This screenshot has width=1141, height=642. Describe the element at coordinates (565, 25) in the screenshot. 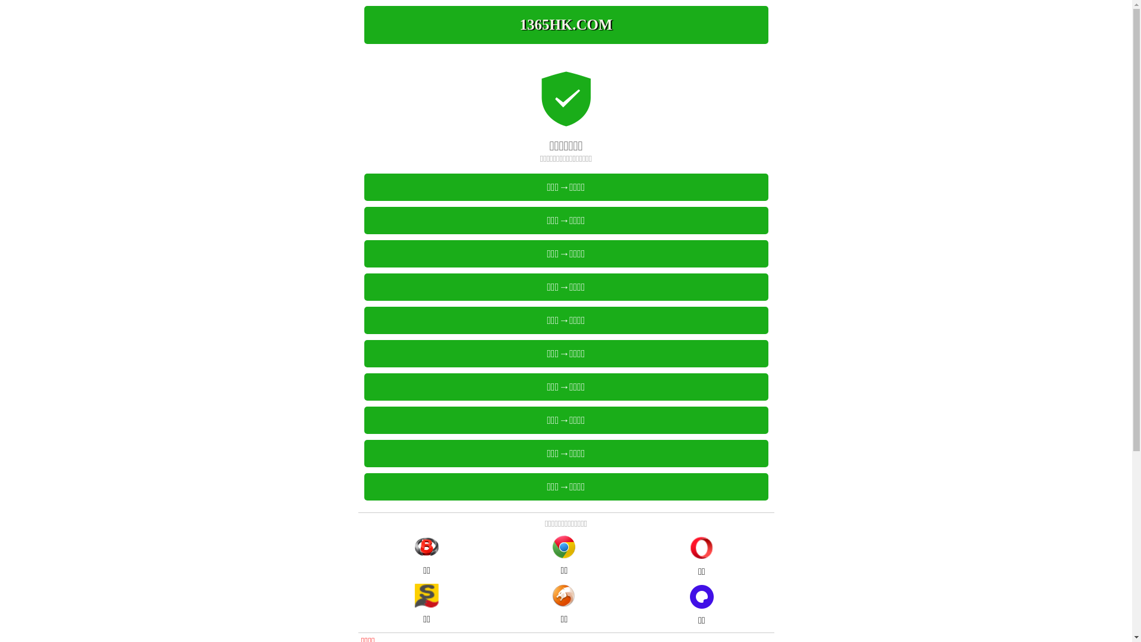

I see `'1365HK.COM'` at that location.